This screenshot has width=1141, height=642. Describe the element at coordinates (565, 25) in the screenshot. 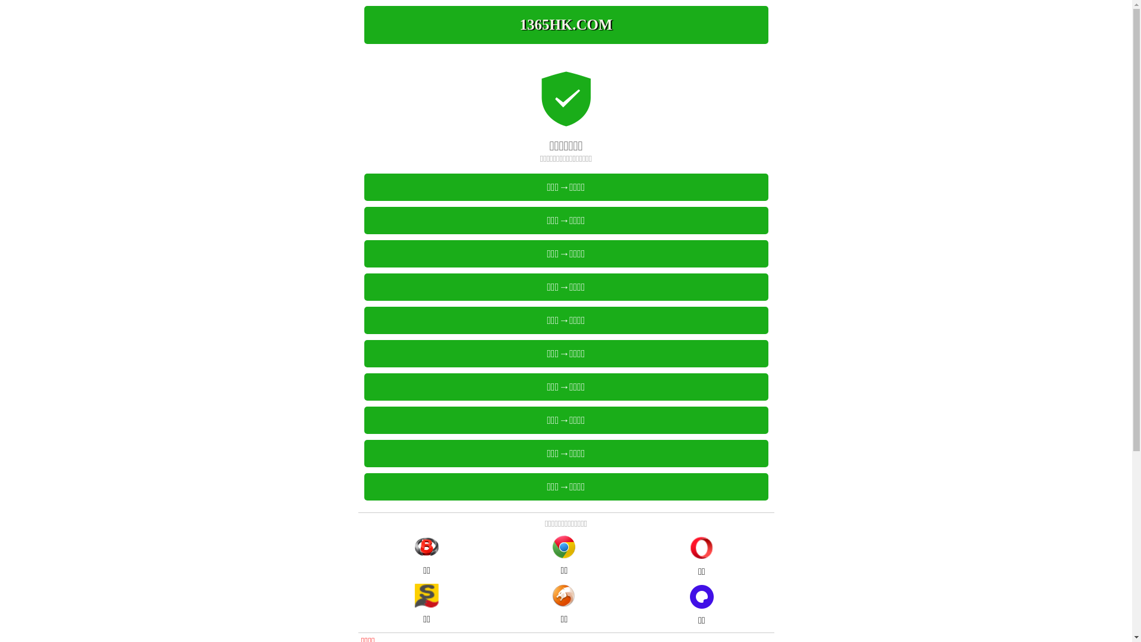

I see `'1365HK.COM'` at that location.